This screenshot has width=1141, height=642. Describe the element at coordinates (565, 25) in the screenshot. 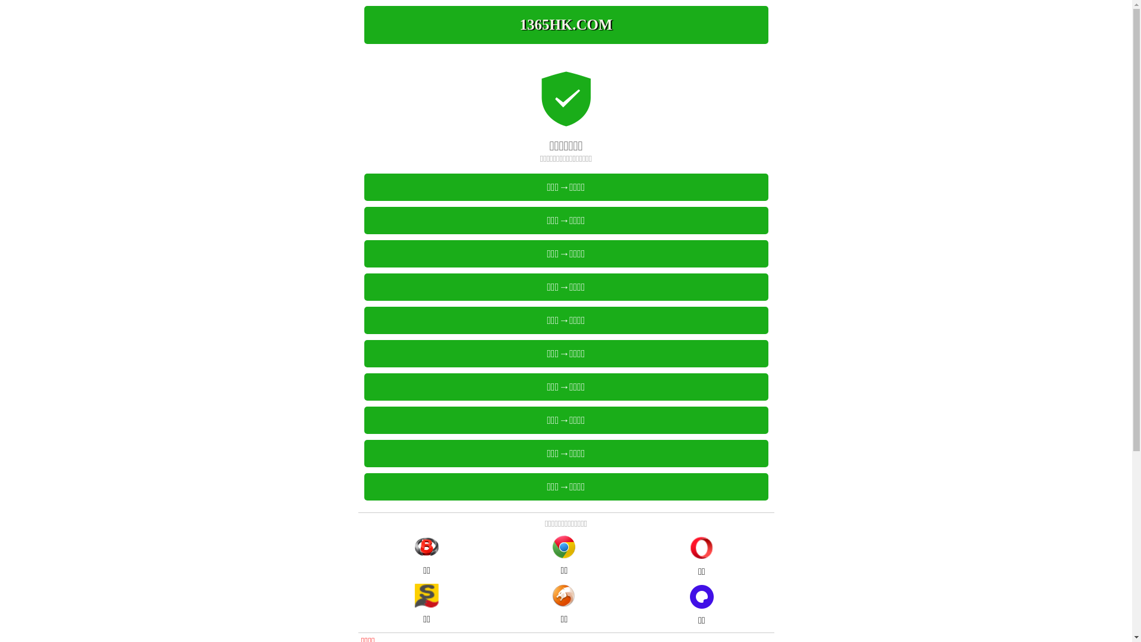

I see `'1365HK.COM'` at that location.